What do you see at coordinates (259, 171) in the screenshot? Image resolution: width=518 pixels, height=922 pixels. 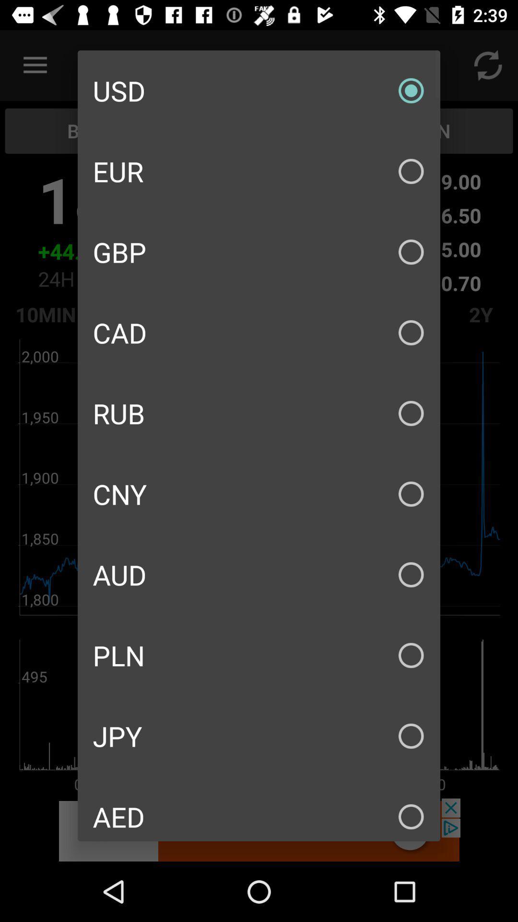 I see `the eur icon` at bounding box center [259, 171].